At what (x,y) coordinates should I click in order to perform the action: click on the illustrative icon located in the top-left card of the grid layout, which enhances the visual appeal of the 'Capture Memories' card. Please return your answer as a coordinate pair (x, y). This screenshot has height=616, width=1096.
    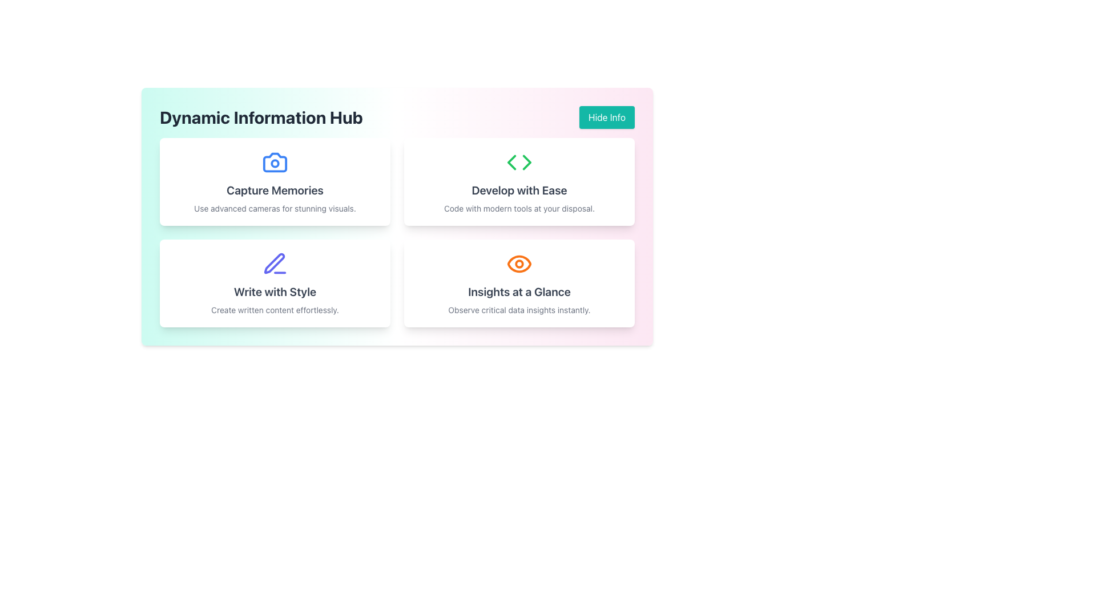
    Looking at the image, I should click on (275, 163).